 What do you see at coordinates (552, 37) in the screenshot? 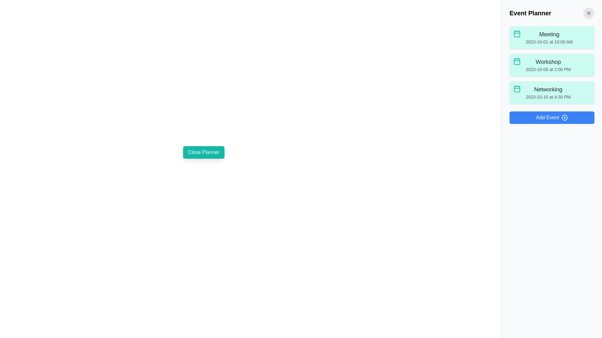
I see `the Informational card that indicates a meeting scheduled for 2023-10-01 at 10:00 AM, located at the top of the right-hand sidebar in the 'Event Planner' section` at bounding box center [552, 37].